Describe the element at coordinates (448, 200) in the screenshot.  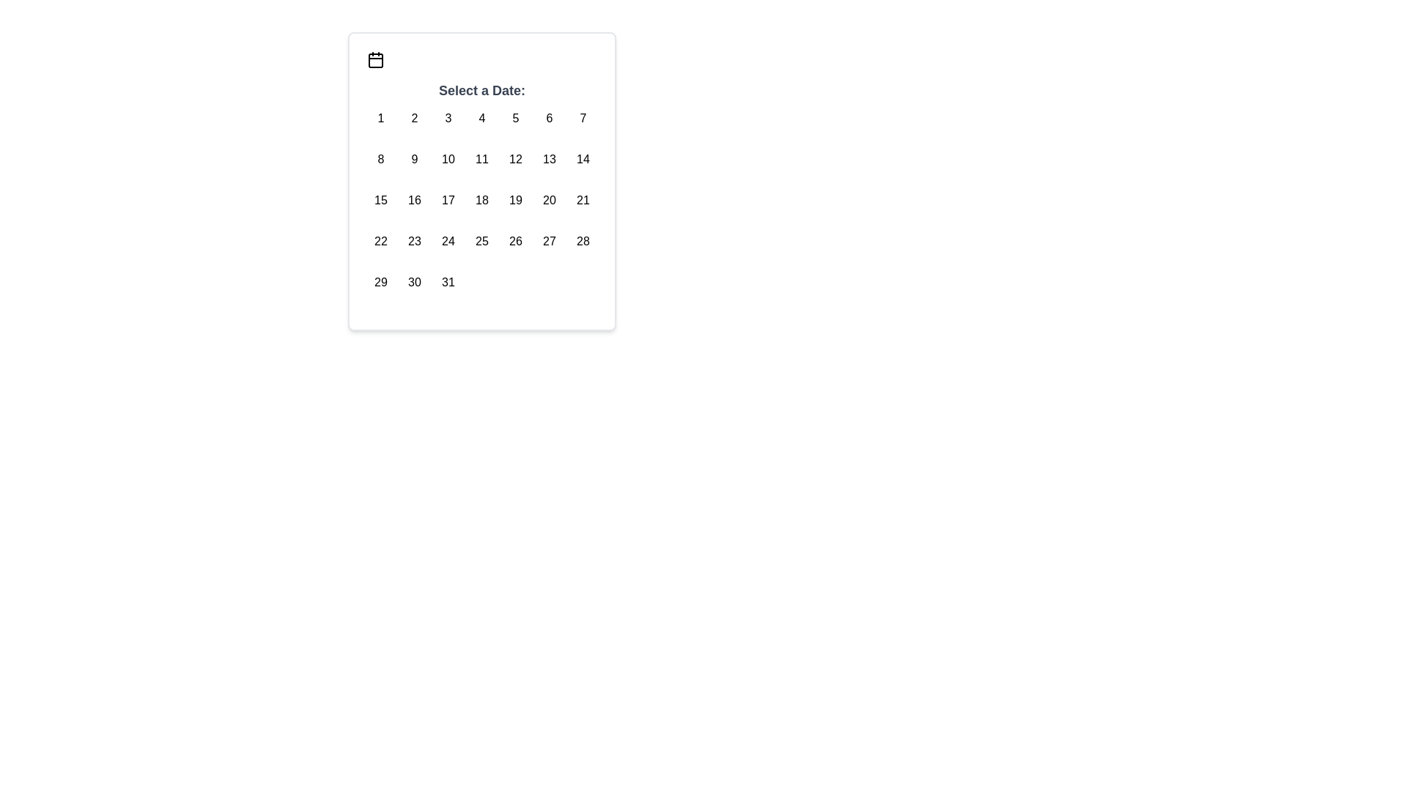
I see `the button representing the 17th day of the month in the calendar interface` at that location.